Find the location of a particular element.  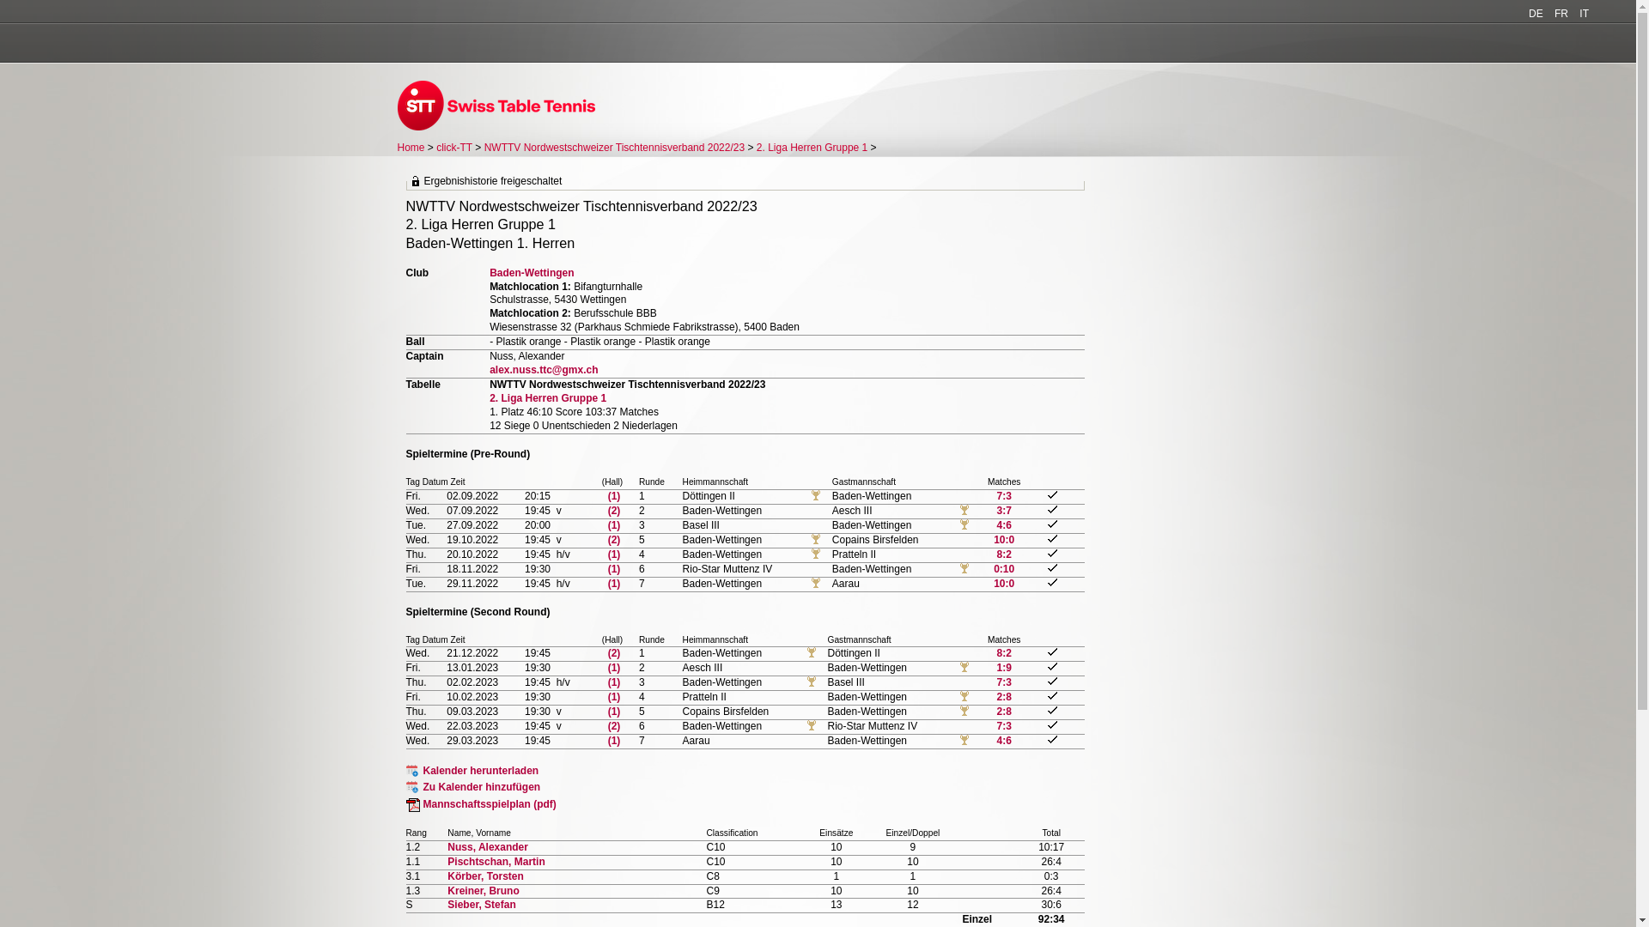

'Victory' is located at coordinates (811, 725).